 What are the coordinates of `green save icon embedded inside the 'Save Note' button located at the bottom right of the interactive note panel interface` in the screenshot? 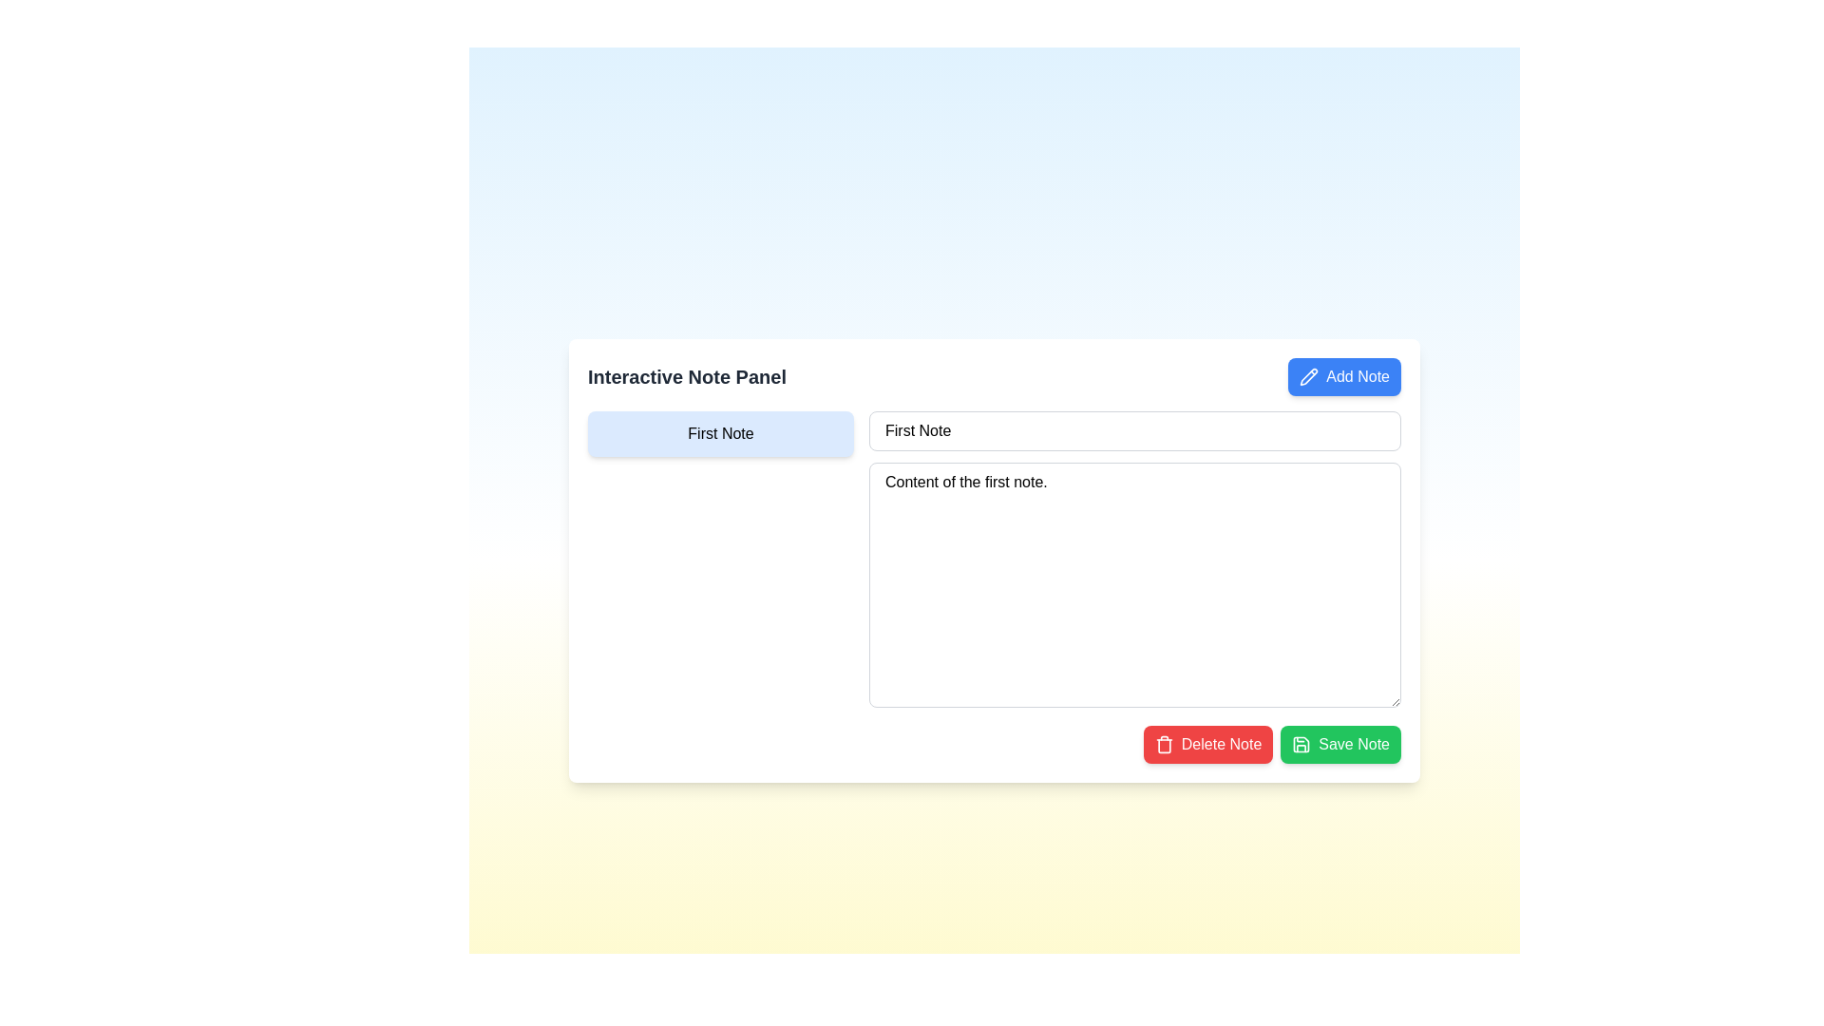 It's located at (1301, 743).